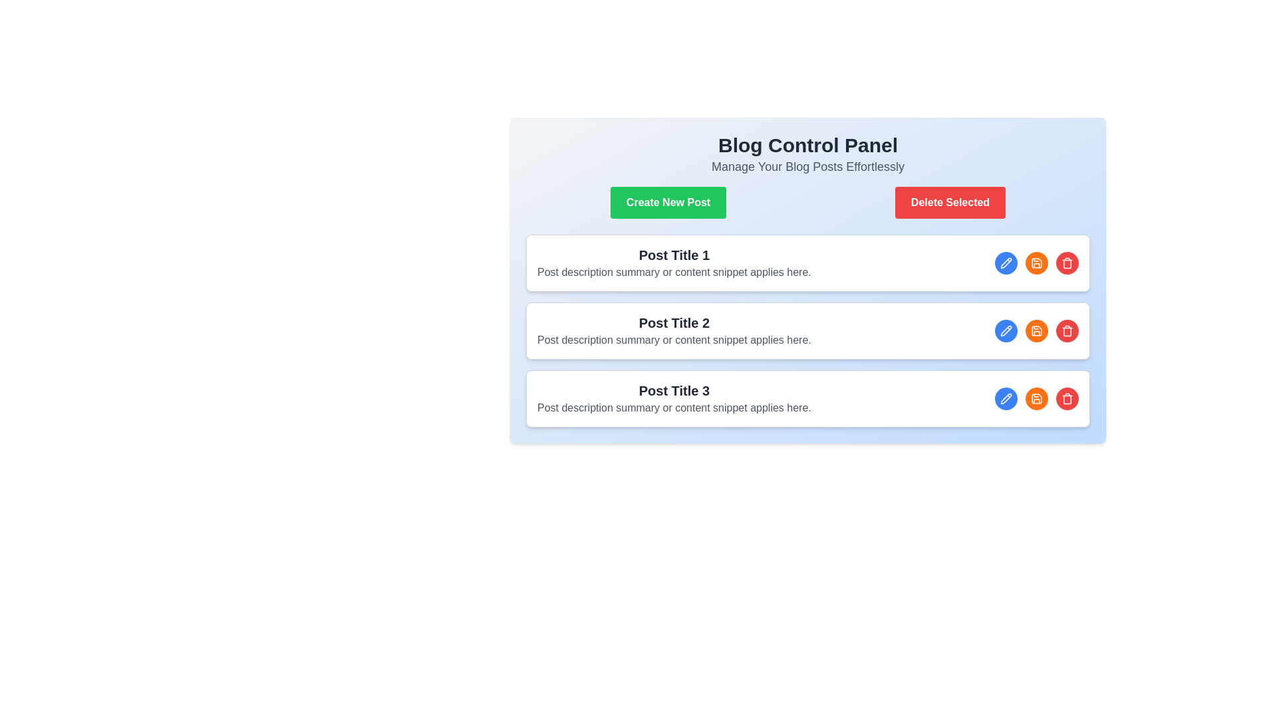  Describe the element at coordinates (807, 146) in the screenshot. I see `text of the heading that identifies the main purpose of the page, which indicates it is the control panel for blog management` at that location.